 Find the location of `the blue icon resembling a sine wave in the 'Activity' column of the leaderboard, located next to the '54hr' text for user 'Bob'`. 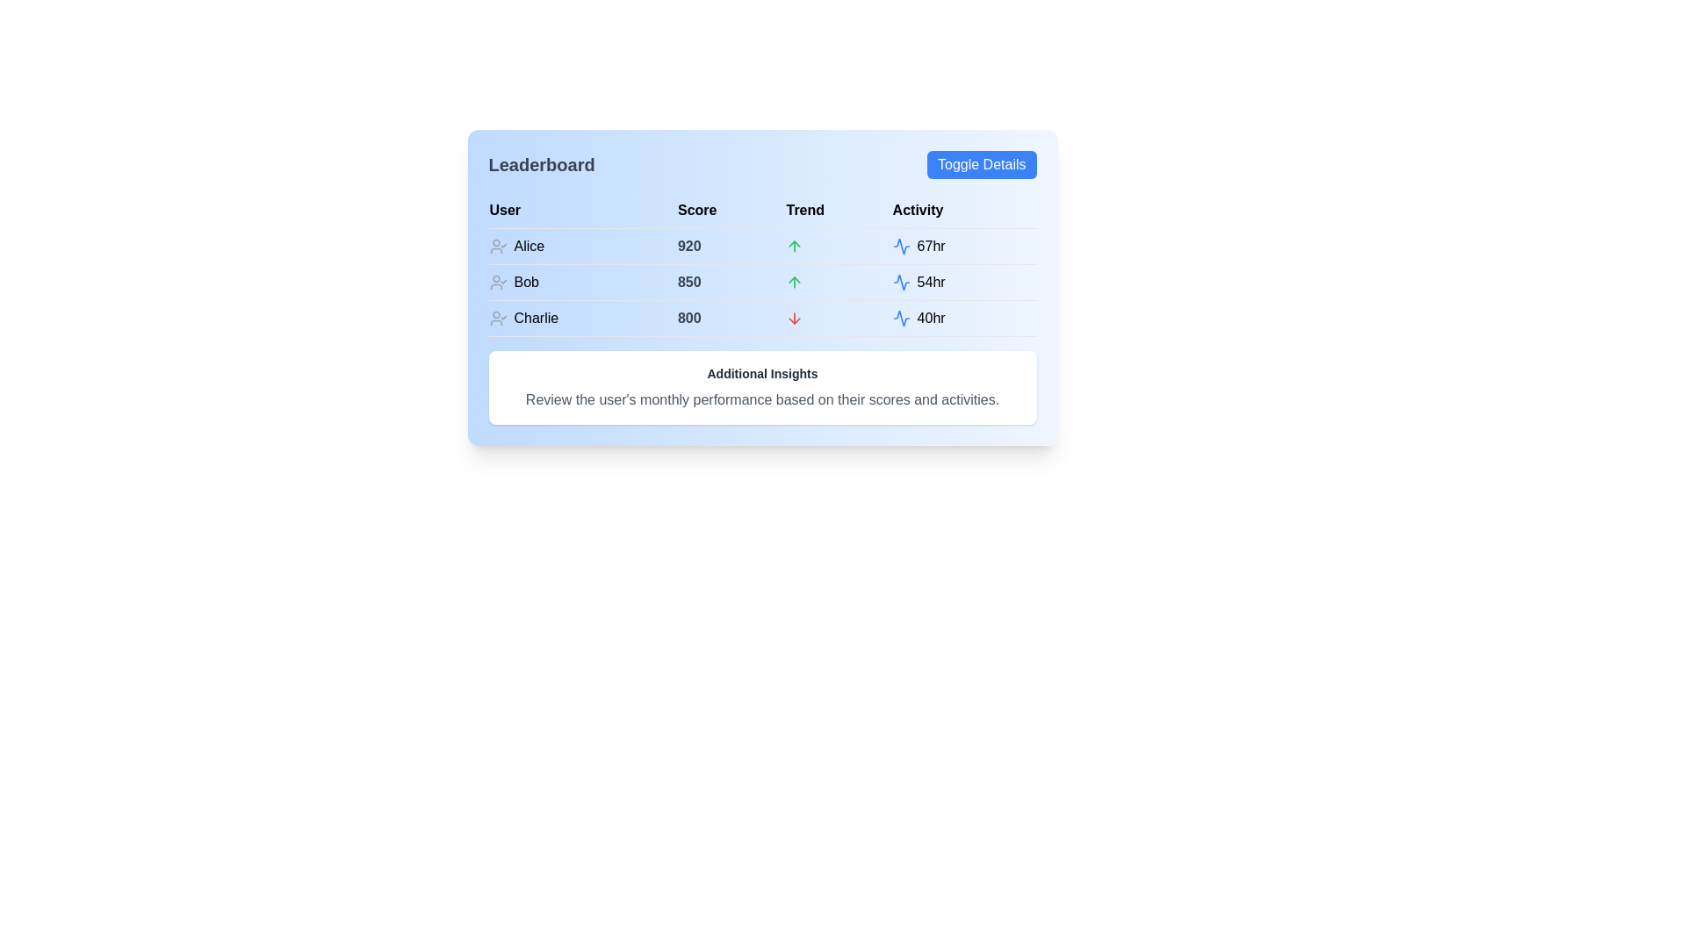

the blue icon resembling a sine wave in the 'Activity' column of the leaderboard, located next to the '54hr' text for user 'Bob' is located at coordinates (901, 281).